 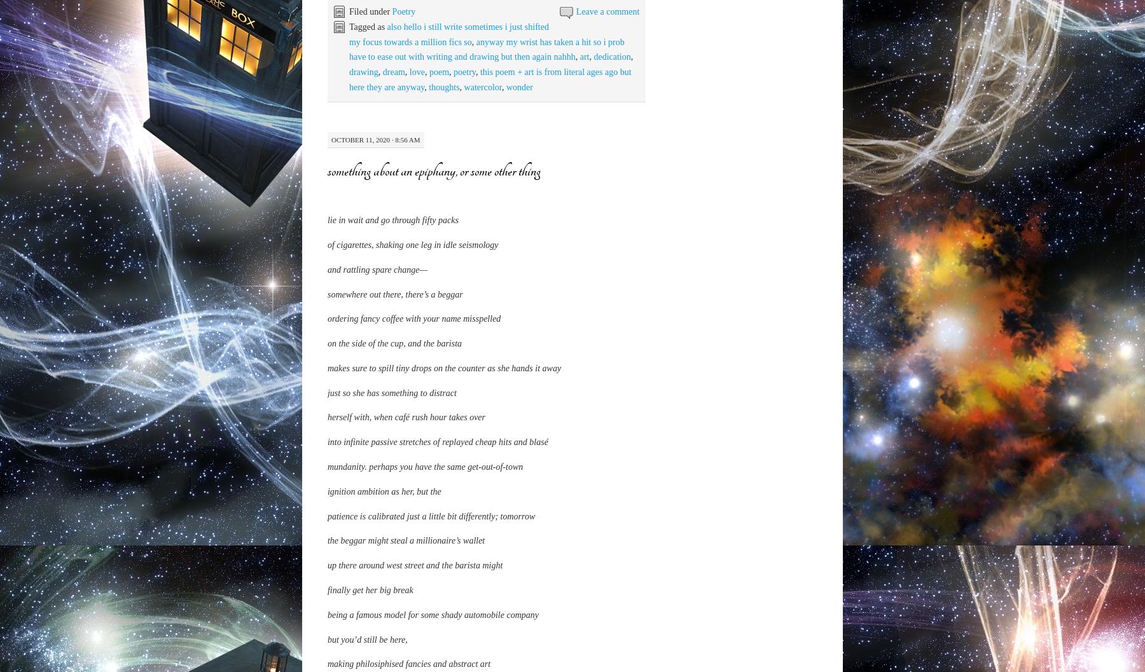 I want to click on 'anyway my wrist has taken a hit so i prob have to ease out with writing and drawing but then again nahhh', so click(x=485, y=48).